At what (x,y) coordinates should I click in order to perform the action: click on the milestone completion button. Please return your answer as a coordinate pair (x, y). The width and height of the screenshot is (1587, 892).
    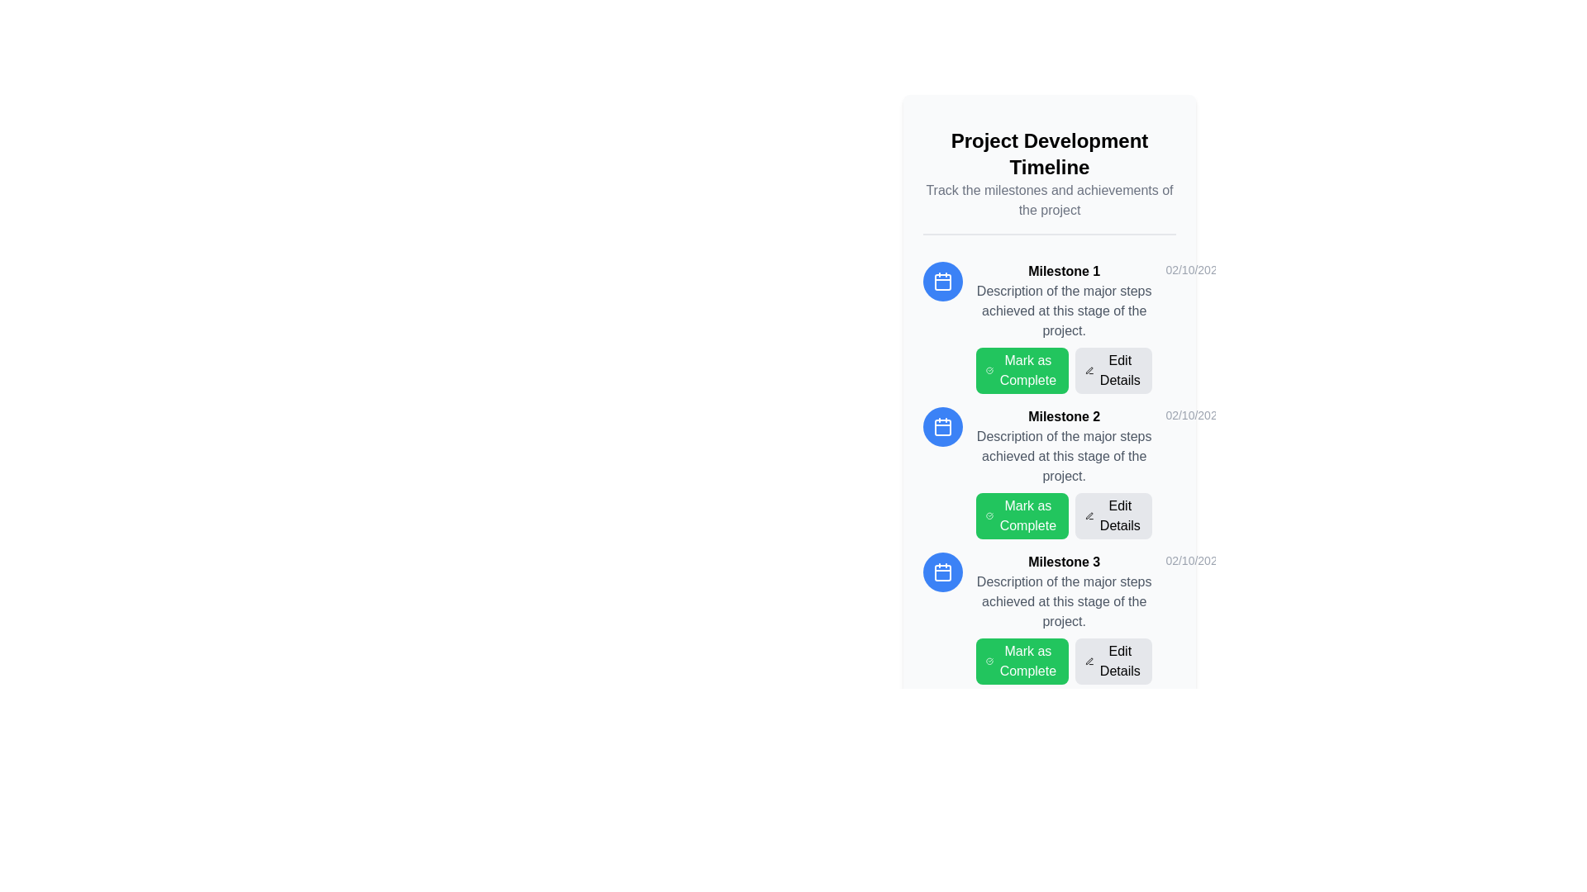
    Looking at the image, I should click on (1022, 369).